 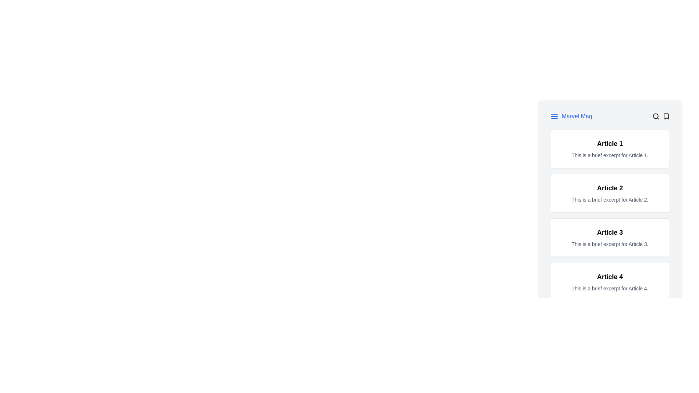 I want to click on the text label element reading 'This is a brief excerpt for Article 2.' located under the 'Article 2' heading in the second card of the article list, so click(x=610, y=199).